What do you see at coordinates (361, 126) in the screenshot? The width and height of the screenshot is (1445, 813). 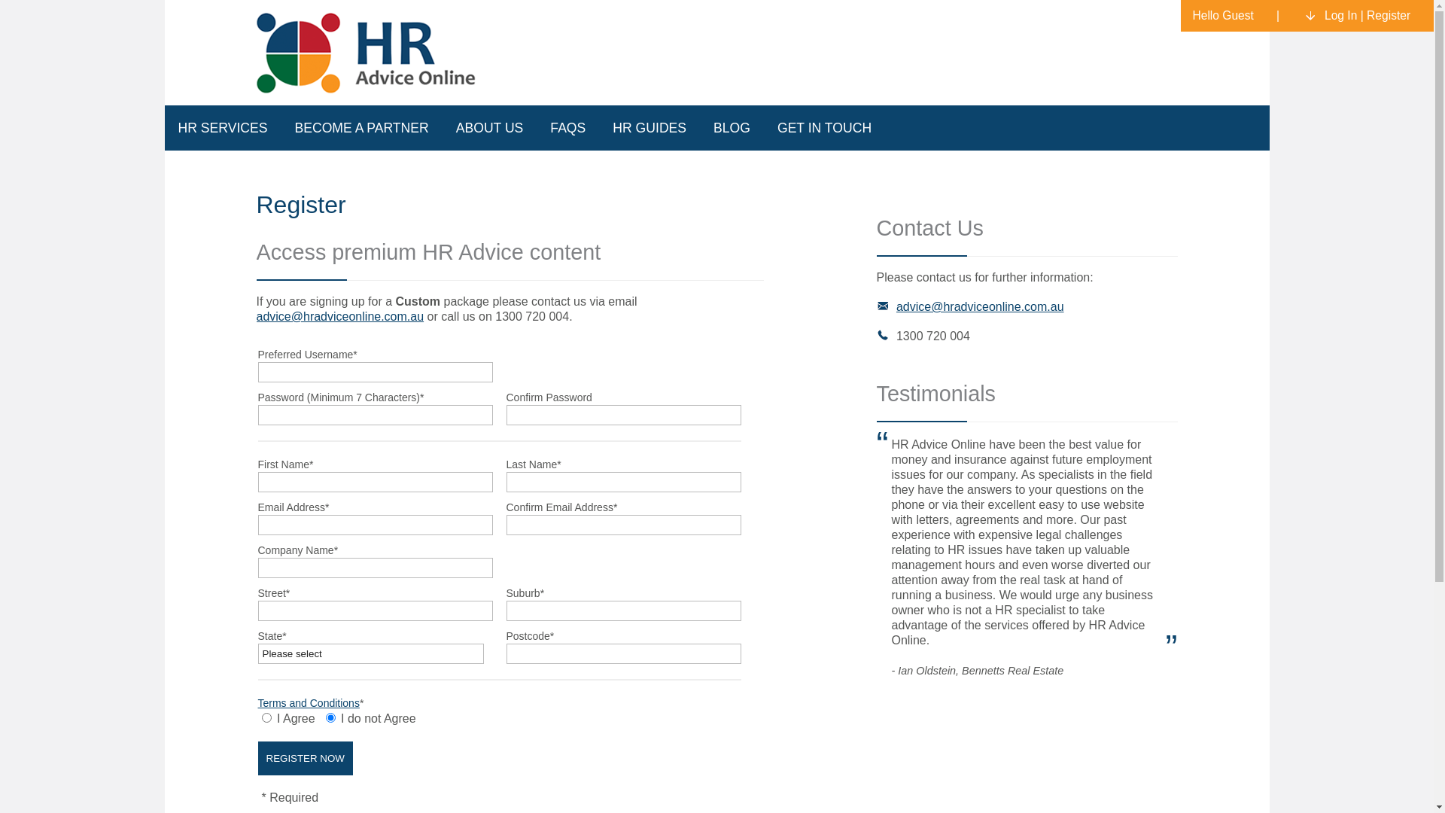 I see `'BECOME A PARTNER'` at bounding box center [361, 126].